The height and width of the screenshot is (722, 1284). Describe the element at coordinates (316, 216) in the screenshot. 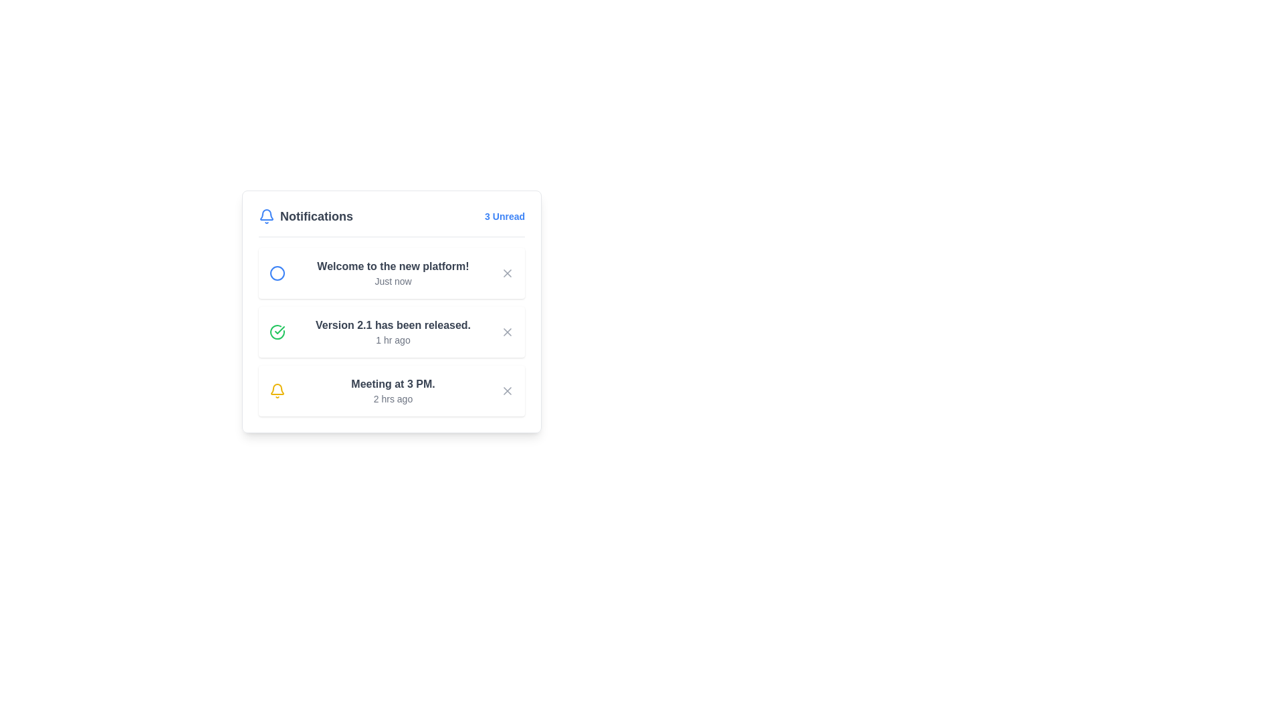

I see `text content of the header title for the notifications section, which is positioned to the right of the blue notification bell icon in the card-like section` at that location.